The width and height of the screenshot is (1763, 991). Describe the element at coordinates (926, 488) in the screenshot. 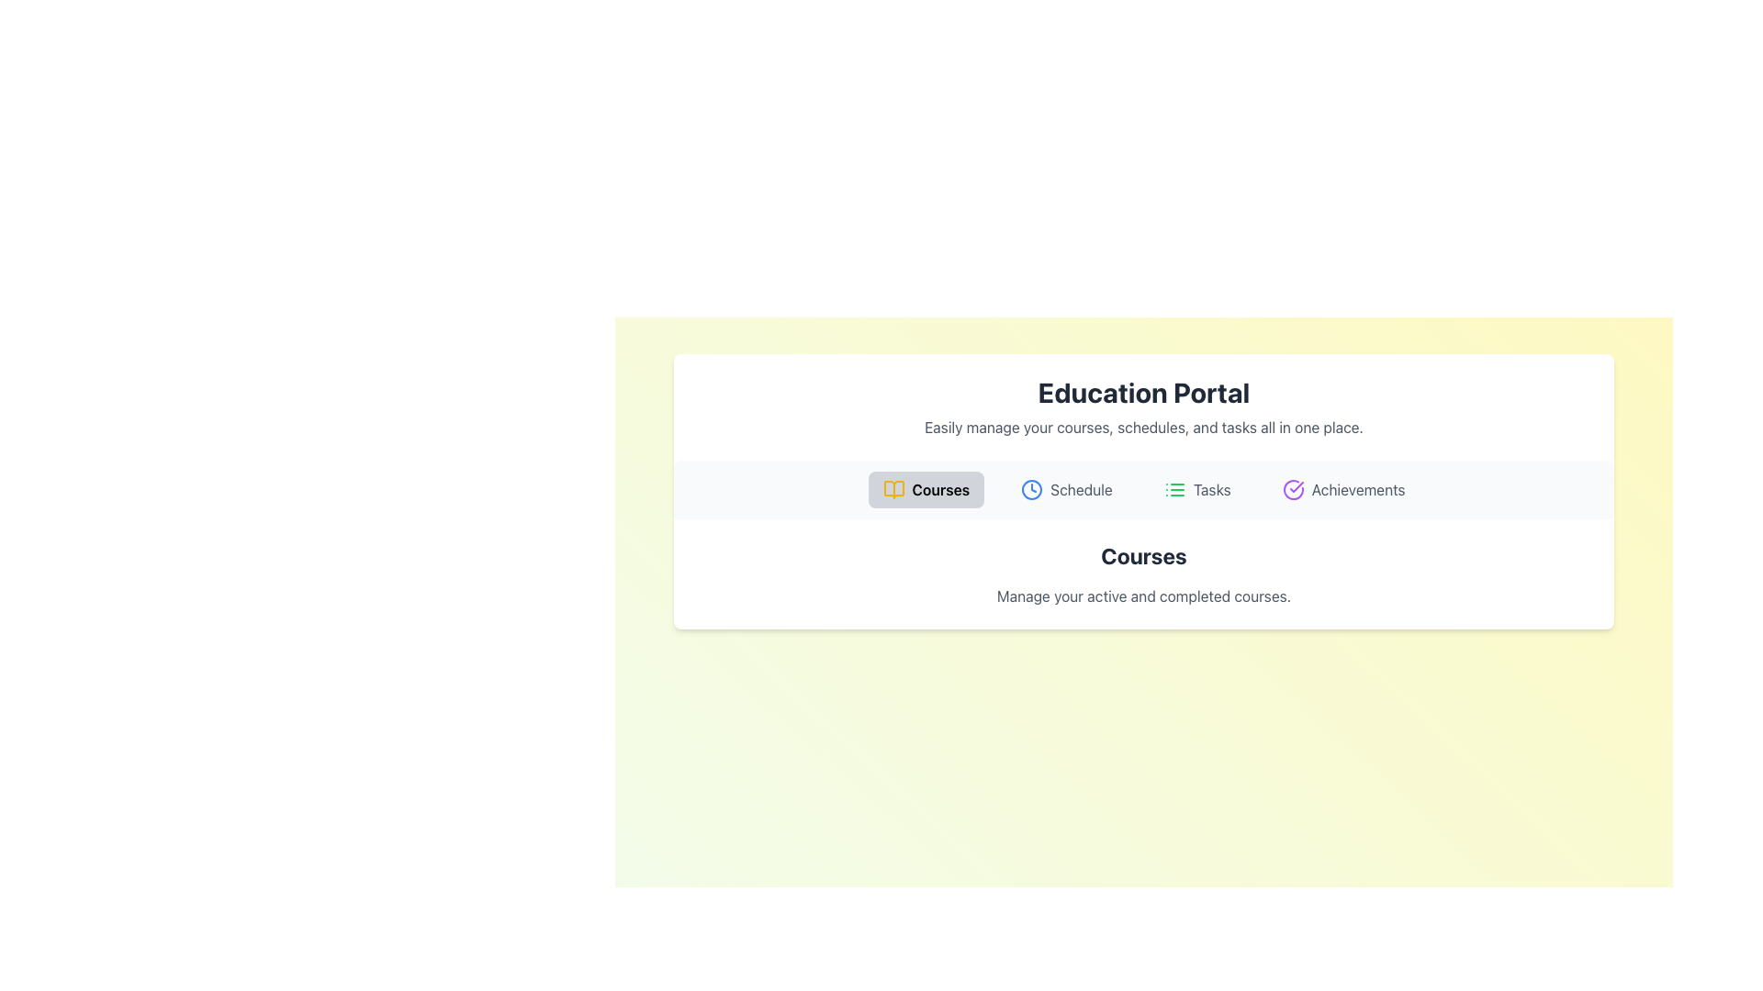

I see `the first button in the navigation panel that displays content related to courses in the application for accessibility` at that location.